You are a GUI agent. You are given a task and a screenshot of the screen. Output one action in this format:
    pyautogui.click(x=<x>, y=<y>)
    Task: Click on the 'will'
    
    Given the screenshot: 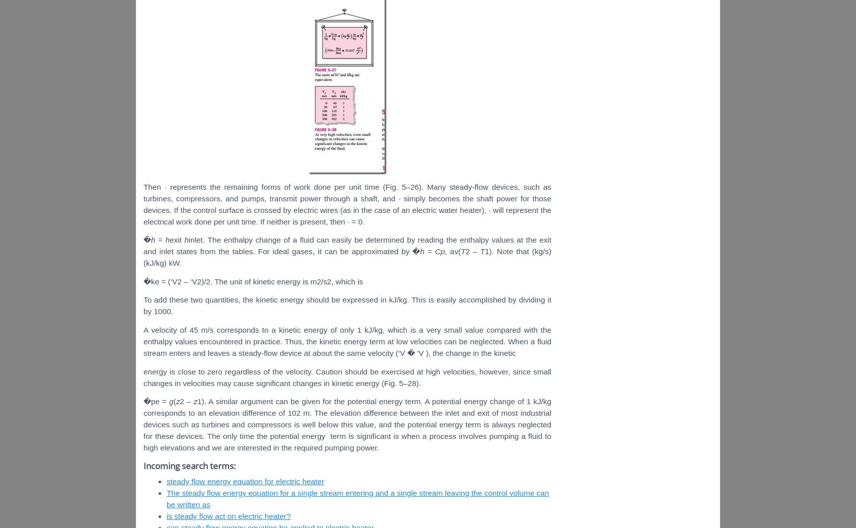 What is the action you would take?
    pyautogui.click(x=498, y=209)
    